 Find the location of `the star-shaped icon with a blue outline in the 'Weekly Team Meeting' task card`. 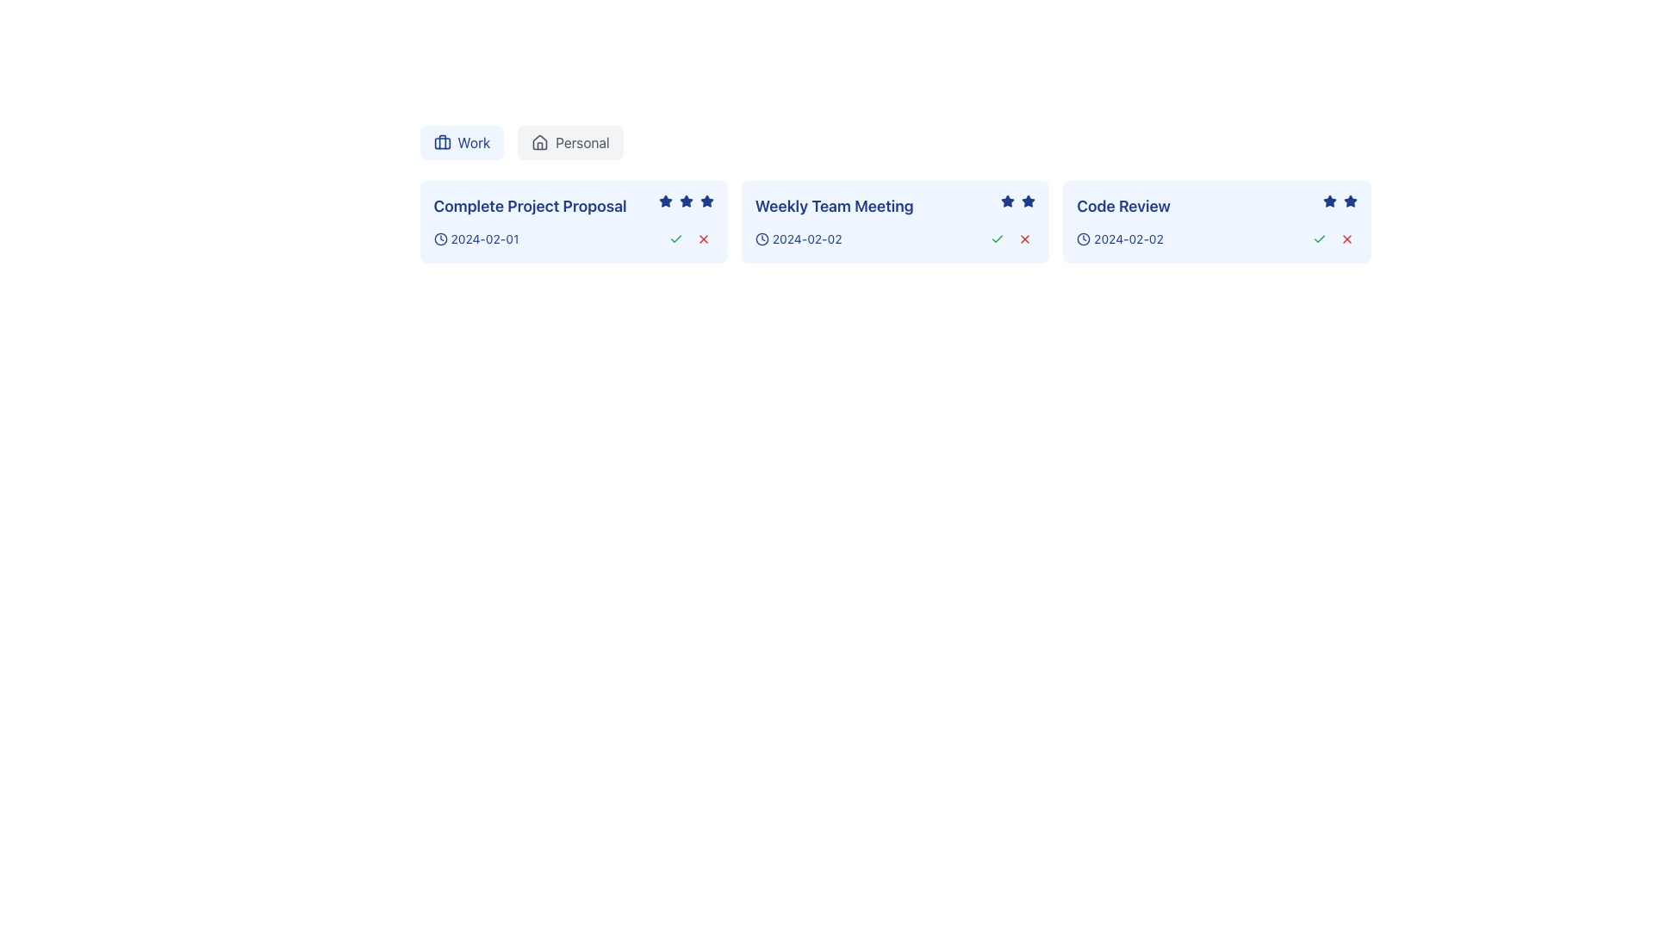

the star-shaped icon with a blue outline in the 'Weekly Team Meeting' task card is located at coordinates (1029, 200).